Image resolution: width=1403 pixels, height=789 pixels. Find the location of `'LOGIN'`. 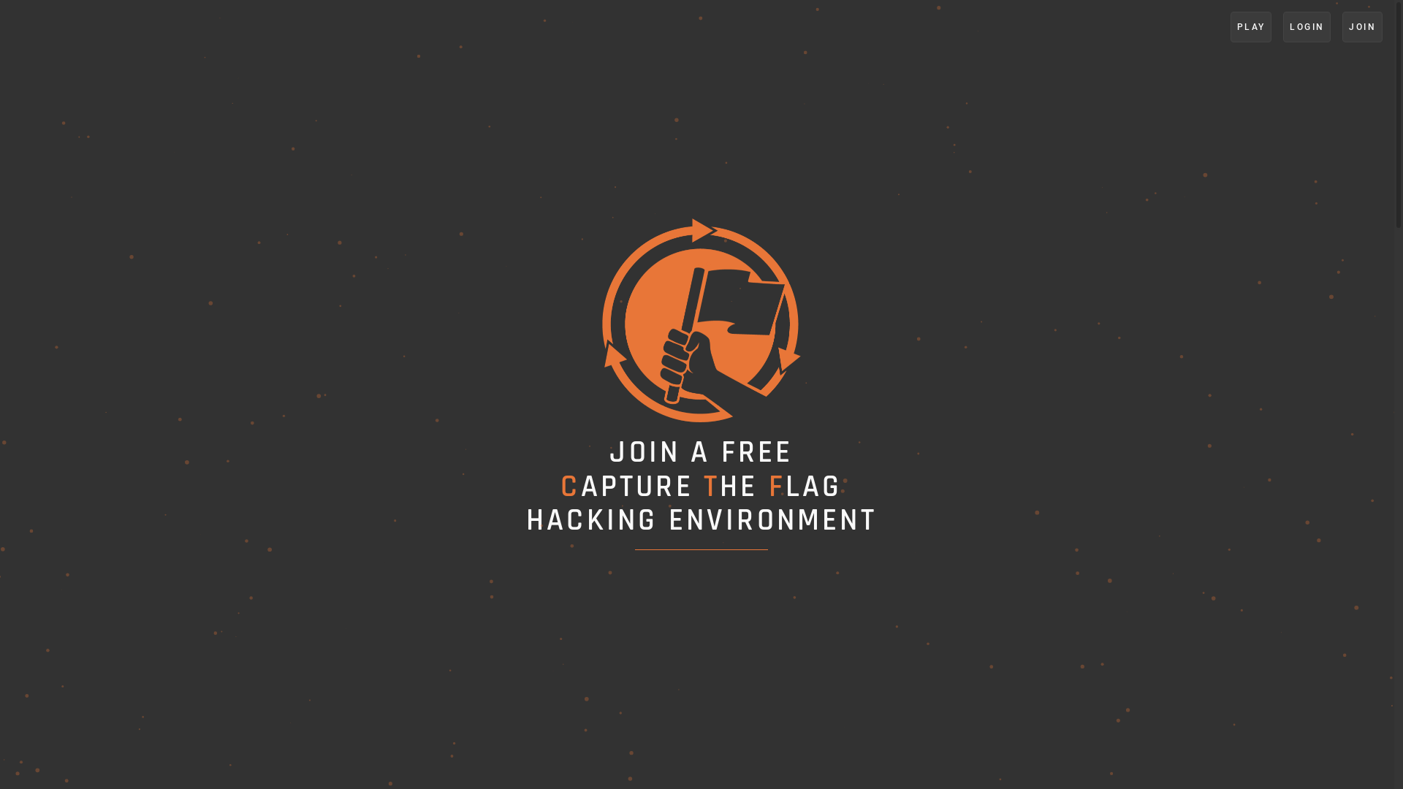

'LOGIN' is located at coordinates (1307, 27).